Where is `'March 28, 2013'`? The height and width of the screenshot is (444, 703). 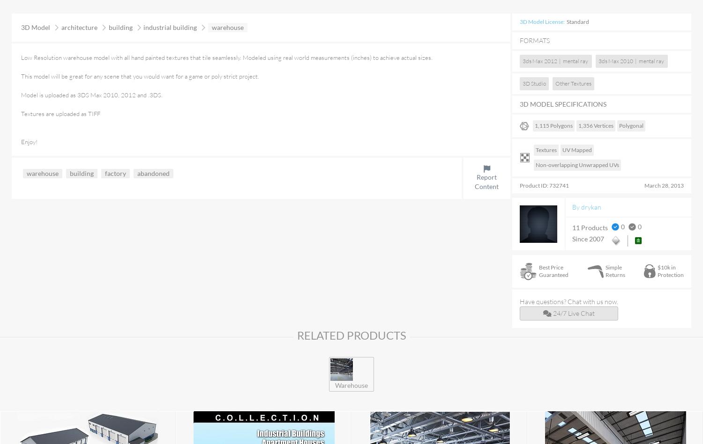
'March 28, 2013' is located at coordinates (644, 185).